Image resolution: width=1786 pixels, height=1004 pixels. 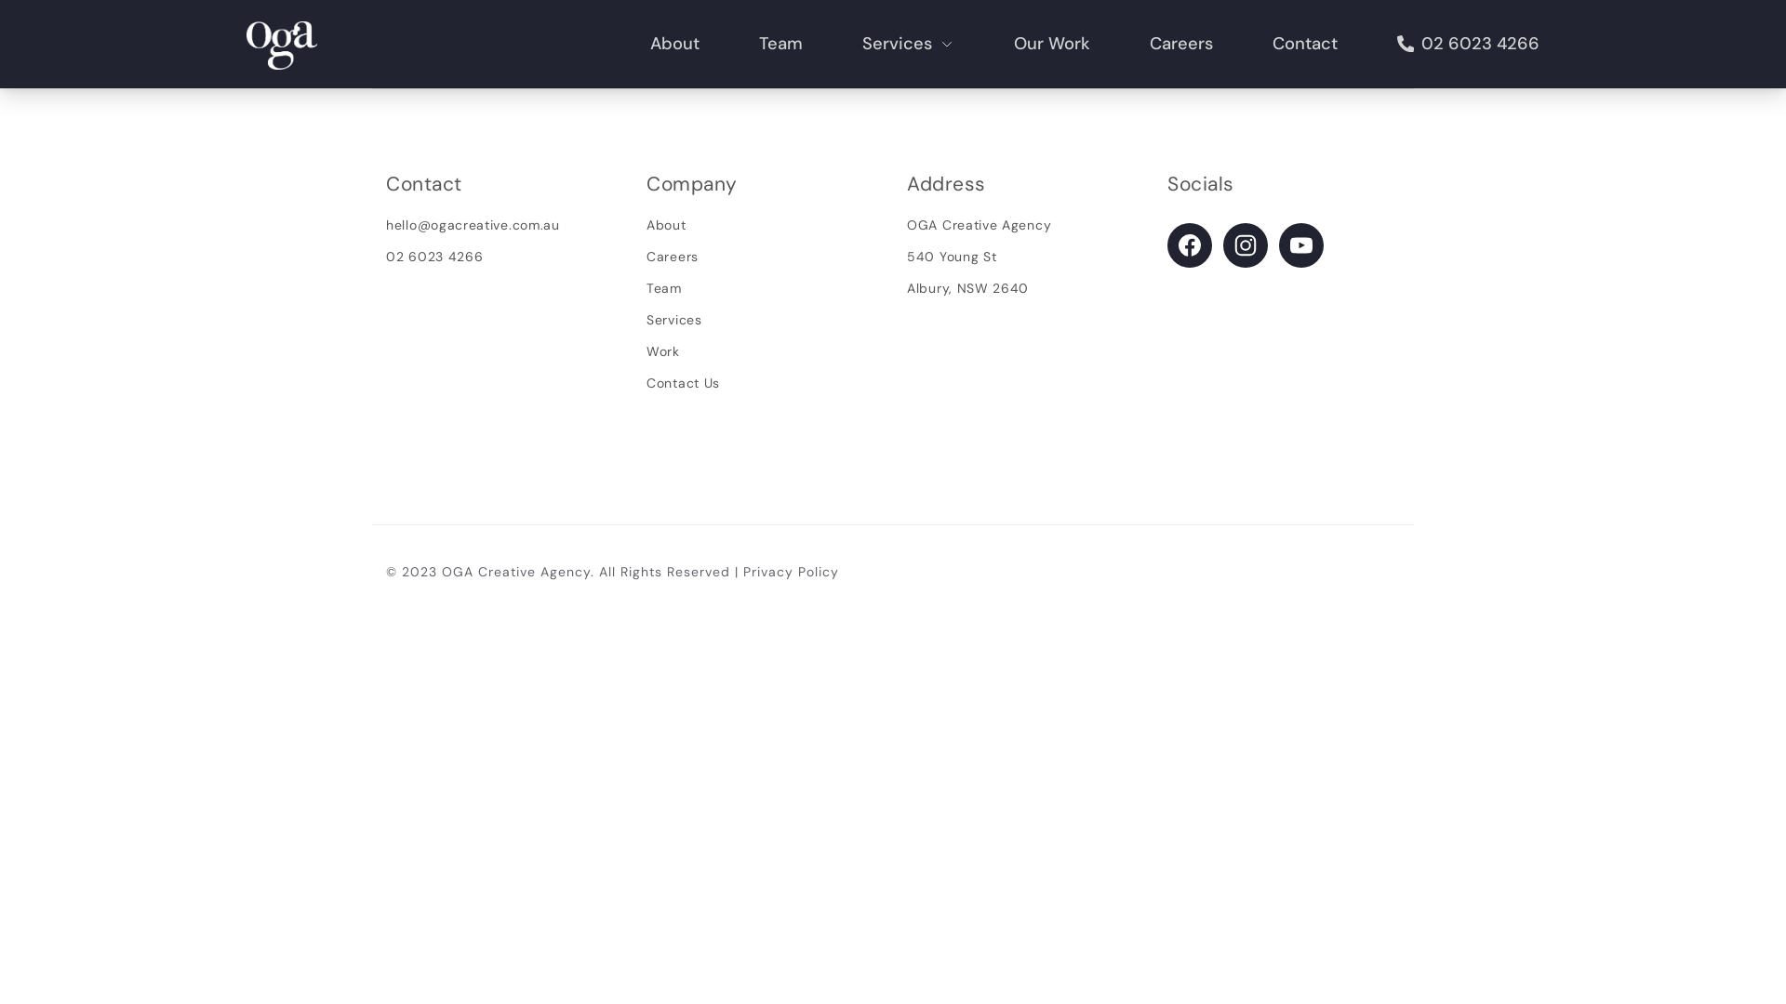 I want to click on '02 6023 4266', so click(x=1467, y=42).